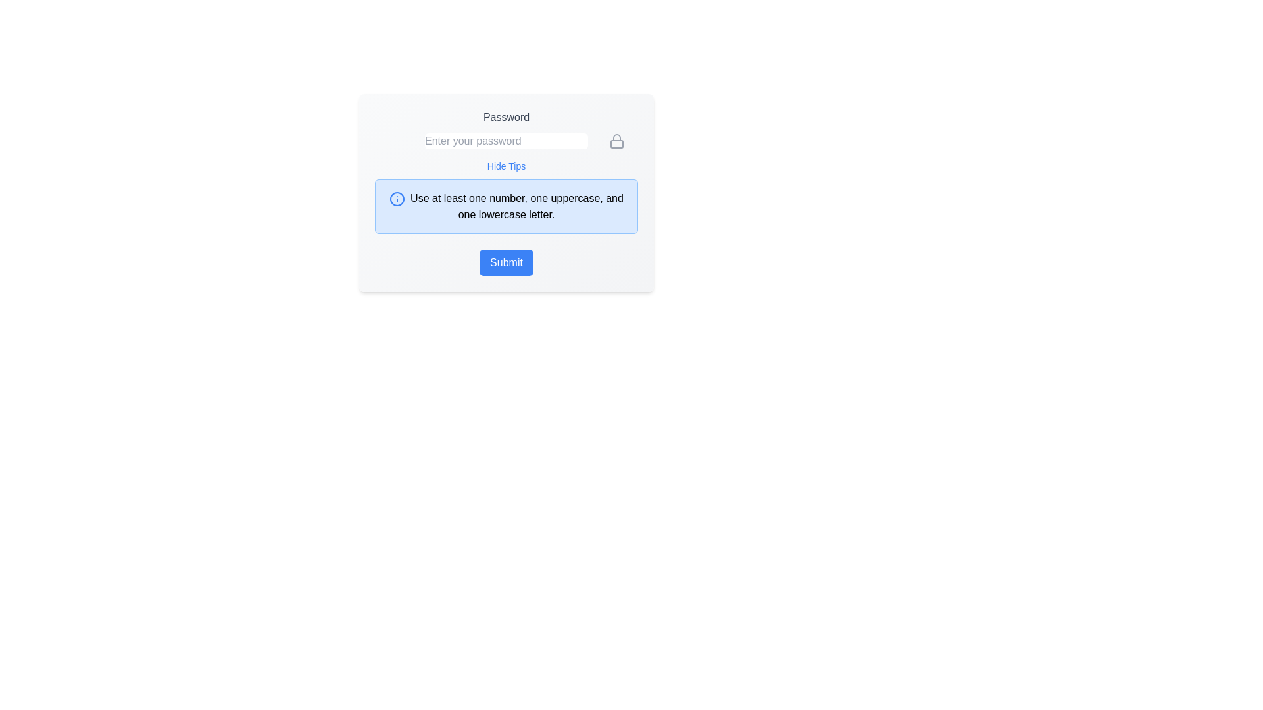 This screenshot has height=710, width=1263. I want to click on rectangular shape with rounded corners that represents the lower half of the lock icon, located to the right of the password input field, so click(616, 144).